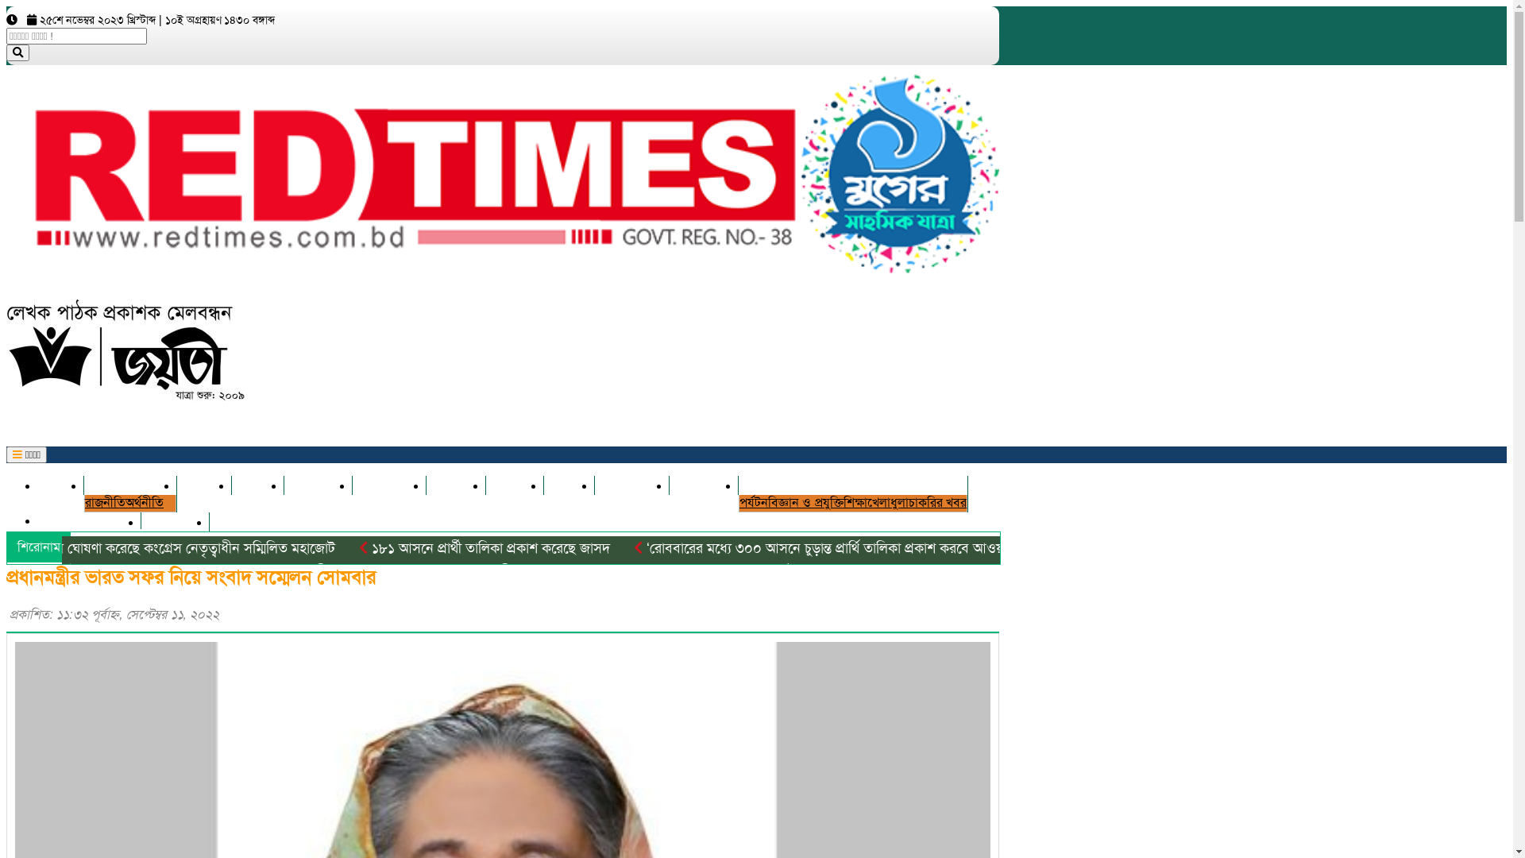  I want to click on 'English News', so click(88, 520).